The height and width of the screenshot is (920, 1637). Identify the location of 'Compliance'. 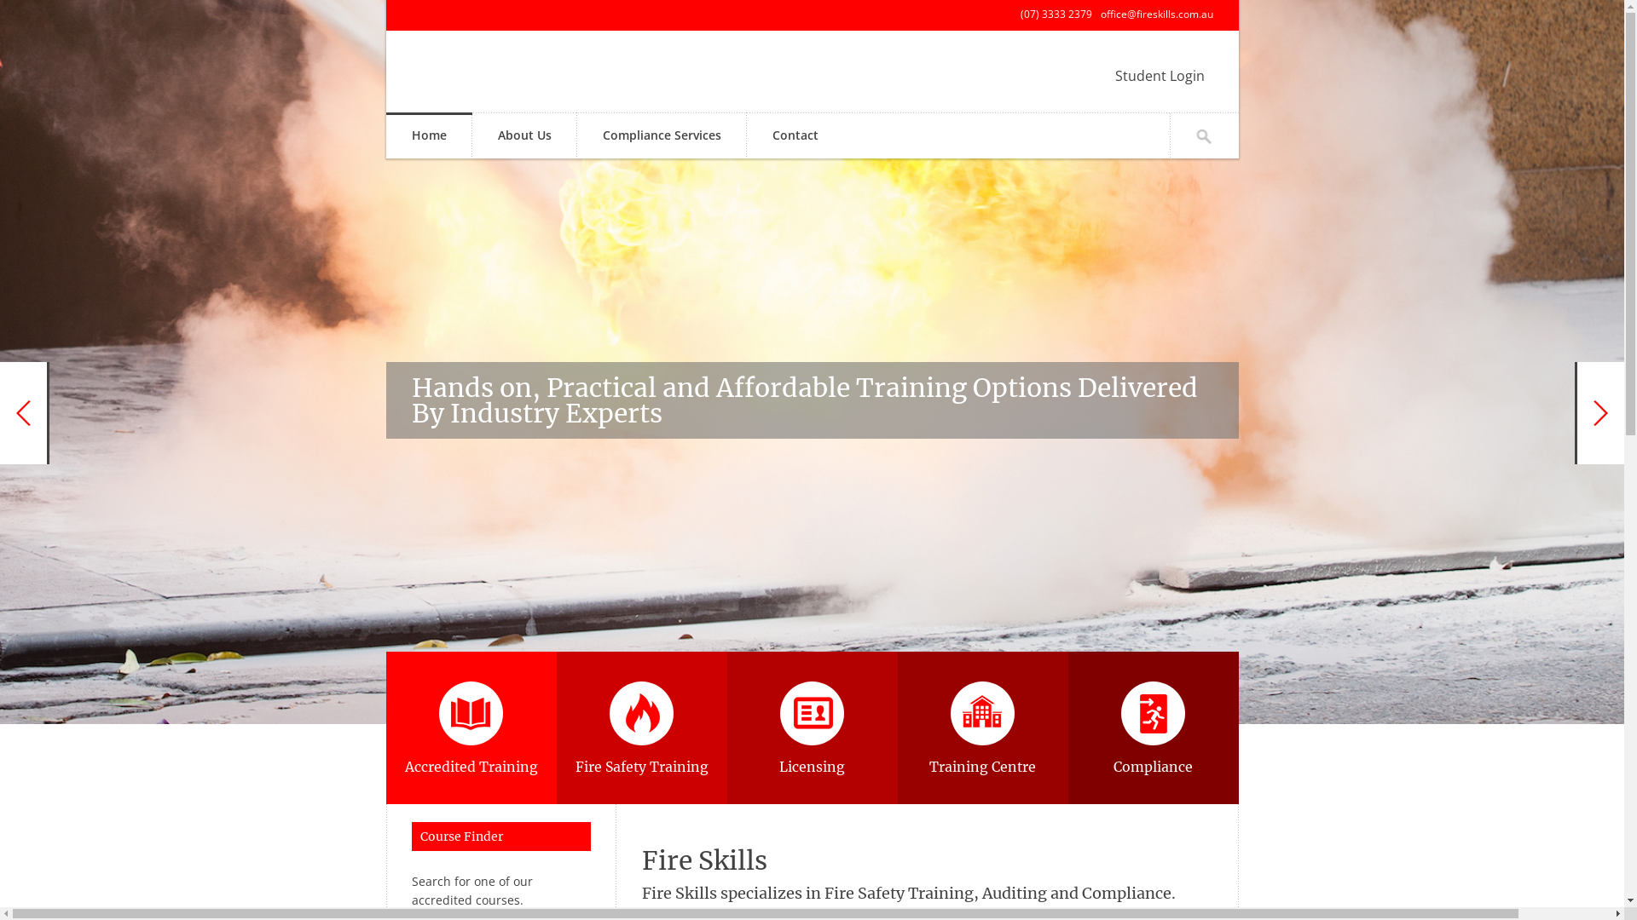
(1153, 727).